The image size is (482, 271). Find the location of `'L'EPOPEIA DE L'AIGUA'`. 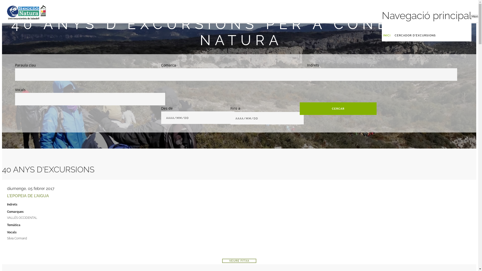

'L'EPOPEIA DE L'AIGUA' is located at coordinates (28, 195).